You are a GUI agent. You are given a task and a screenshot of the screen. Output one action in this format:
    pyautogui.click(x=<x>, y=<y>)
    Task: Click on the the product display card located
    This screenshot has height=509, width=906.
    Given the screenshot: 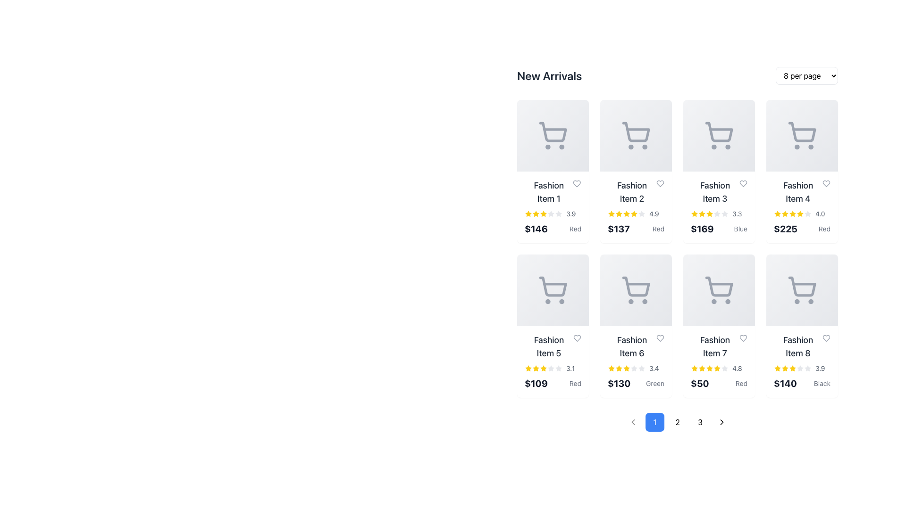 What is the action you would take?
    pyautogui.click(x=553, y=171)
    